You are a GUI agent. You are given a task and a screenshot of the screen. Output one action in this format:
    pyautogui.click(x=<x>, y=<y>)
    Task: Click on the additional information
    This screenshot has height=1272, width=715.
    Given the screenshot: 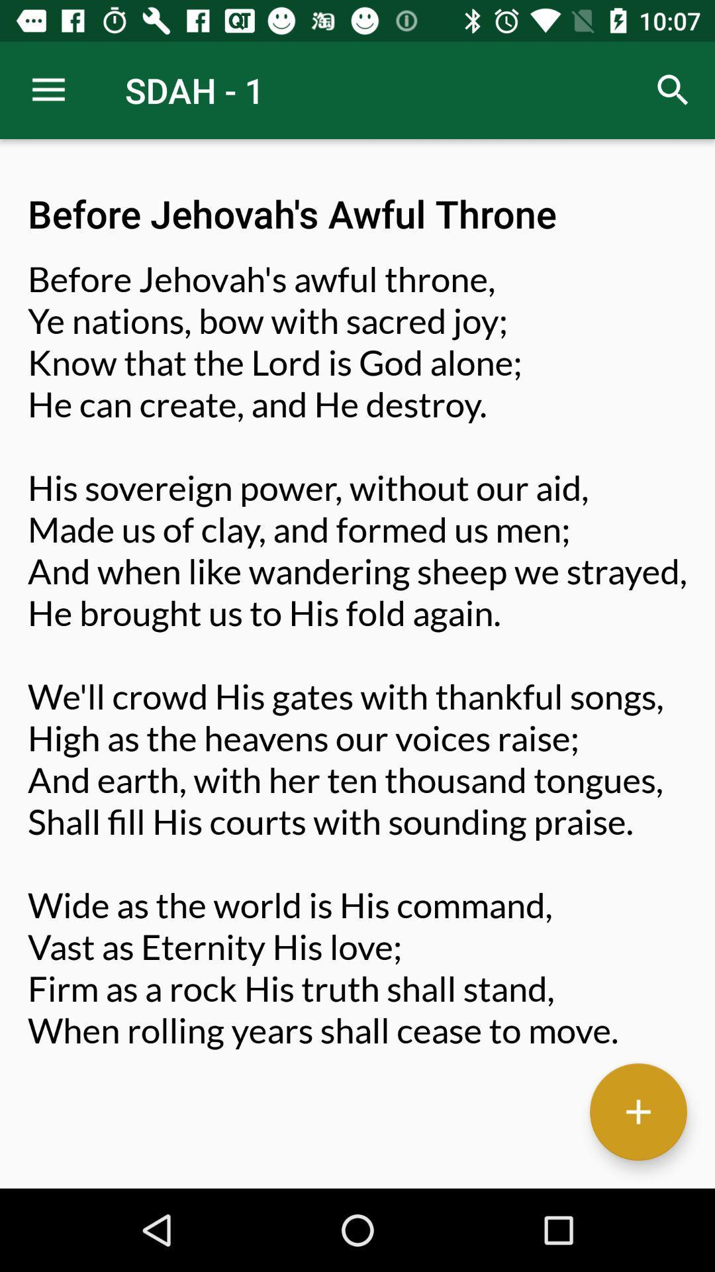 What is the action you would take?
    pyautogui.click(x=638, y=1112)
    